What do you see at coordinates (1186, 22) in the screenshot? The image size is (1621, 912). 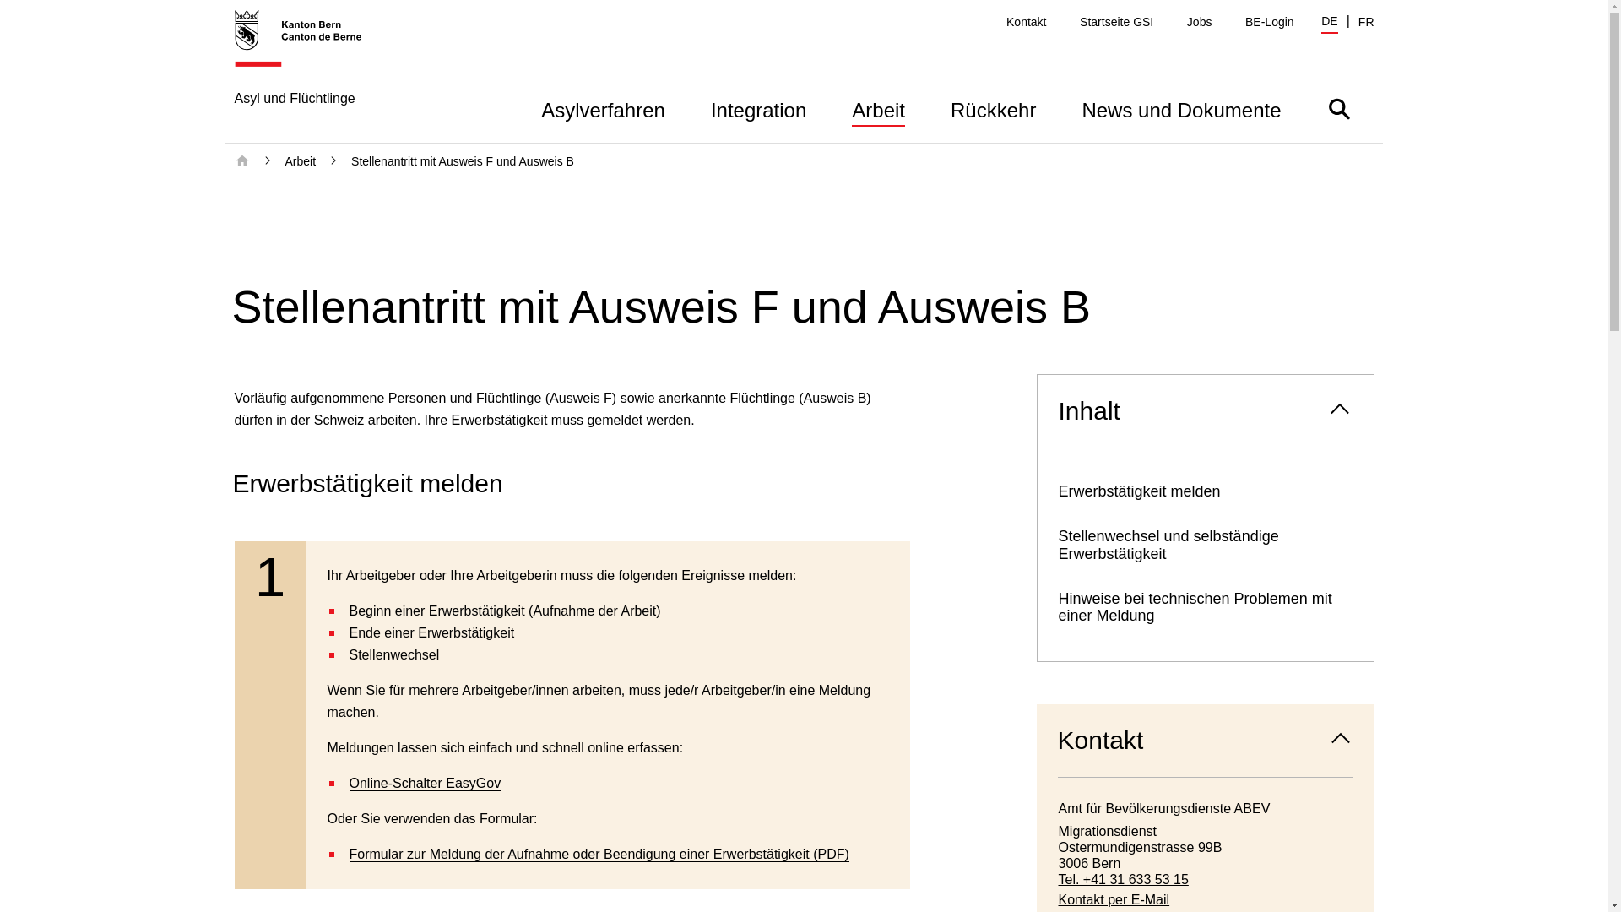 I see `'Jobs'` at bounding box center [1186, 22].